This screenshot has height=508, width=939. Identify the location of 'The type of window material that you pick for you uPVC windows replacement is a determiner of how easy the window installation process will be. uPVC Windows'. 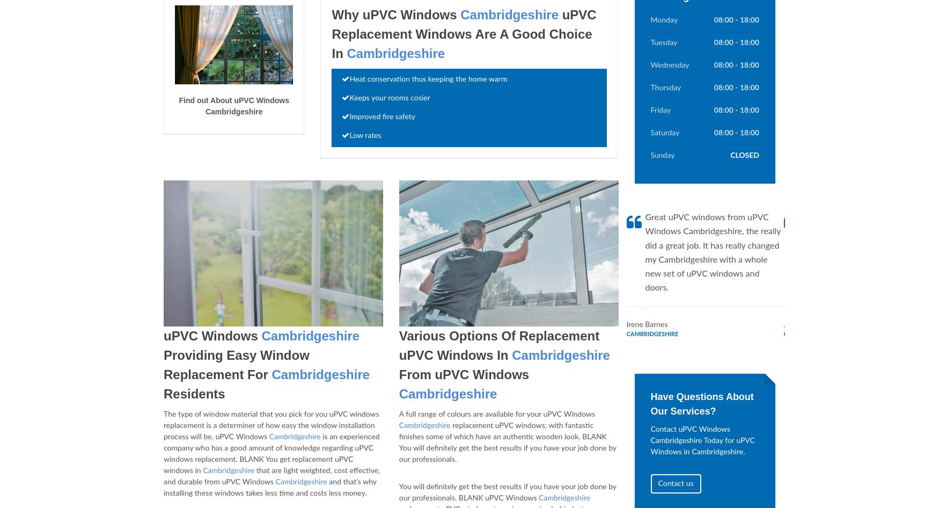
(270, 426).